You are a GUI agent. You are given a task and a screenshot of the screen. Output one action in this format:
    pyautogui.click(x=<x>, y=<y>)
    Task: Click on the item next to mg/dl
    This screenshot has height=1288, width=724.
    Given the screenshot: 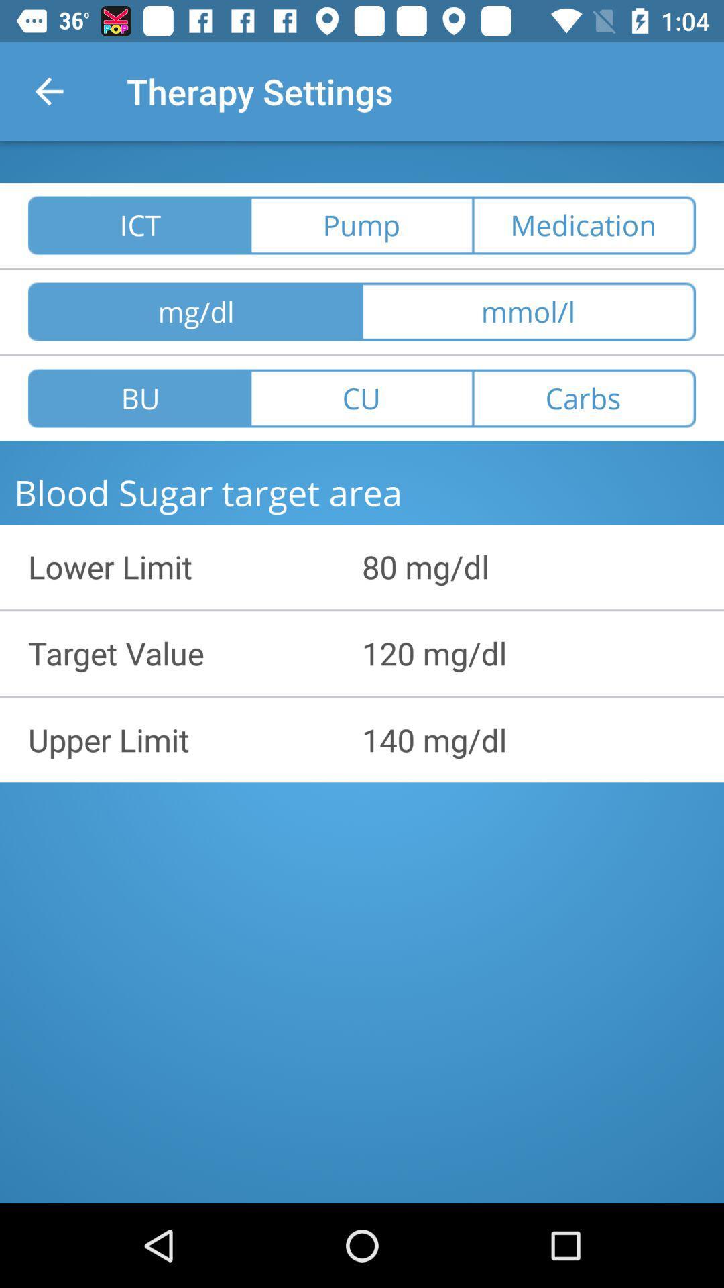 What is the action you would take?
    pyautogui.click(x=528, y=311)
    